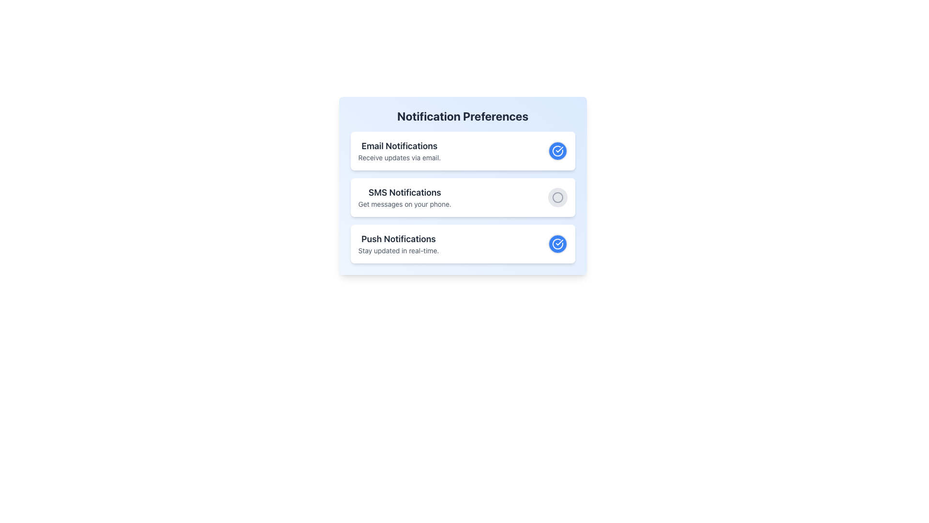 This screenshot has width=929, height=523. Describe the element at coordinates (405, 192) in the screenshot. I see `text of the 'SMS Notifications' label, which is the header for the SMS notifications option in the notification preferences settings` at that location.